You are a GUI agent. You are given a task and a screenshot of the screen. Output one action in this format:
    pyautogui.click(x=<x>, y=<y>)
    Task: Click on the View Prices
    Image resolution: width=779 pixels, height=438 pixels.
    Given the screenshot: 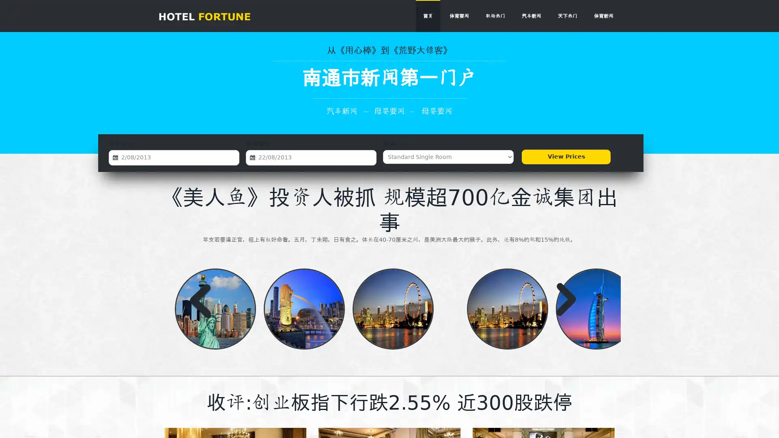 What is the action you would take?
    pyautogui.click(x=566, y=157)
    